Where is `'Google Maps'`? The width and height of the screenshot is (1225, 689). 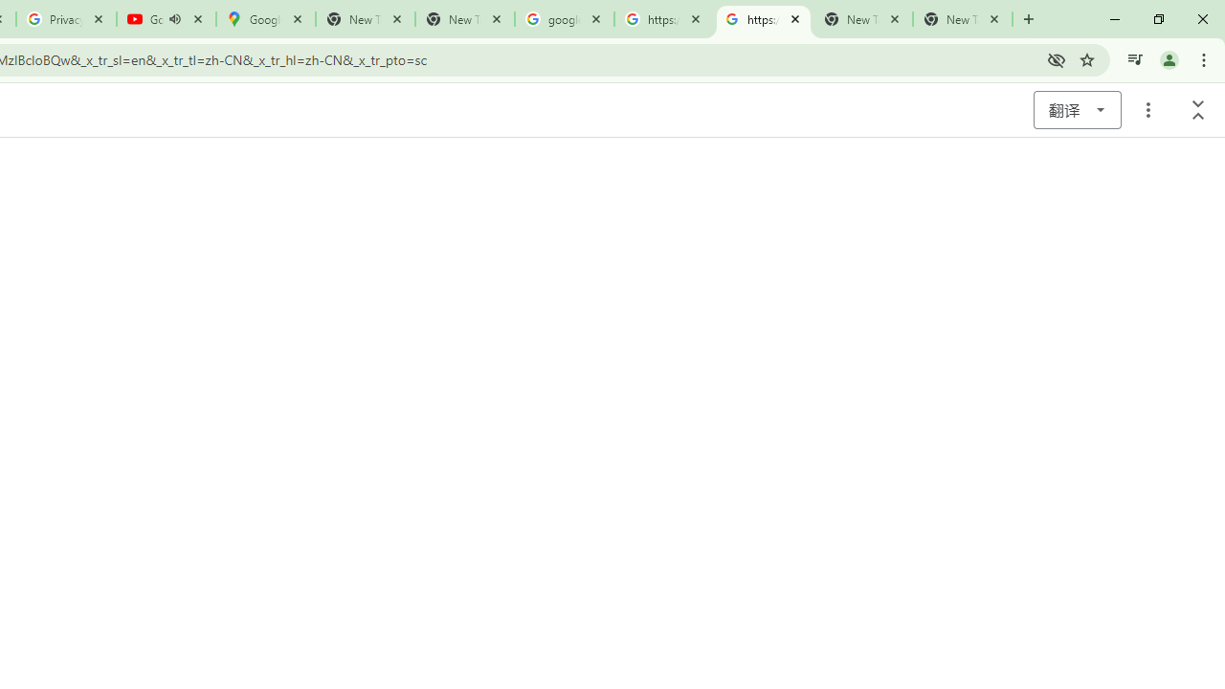 'Google Maps' is located at coordinates (265, 19).